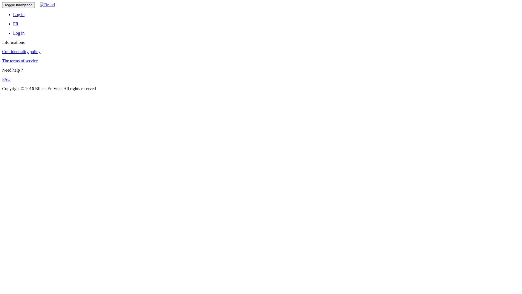 The height and width of the screenshot is (294, 522). I want to click on 'Log in', so click(13, 33).